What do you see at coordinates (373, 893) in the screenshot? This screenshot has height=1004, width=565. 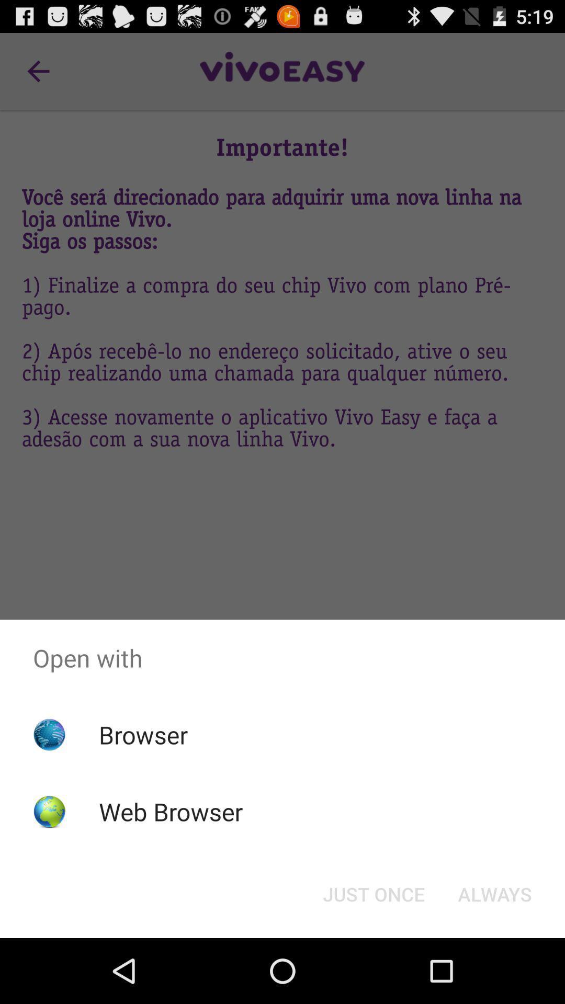 I see `just once icon` at bounding box center [373, 893].